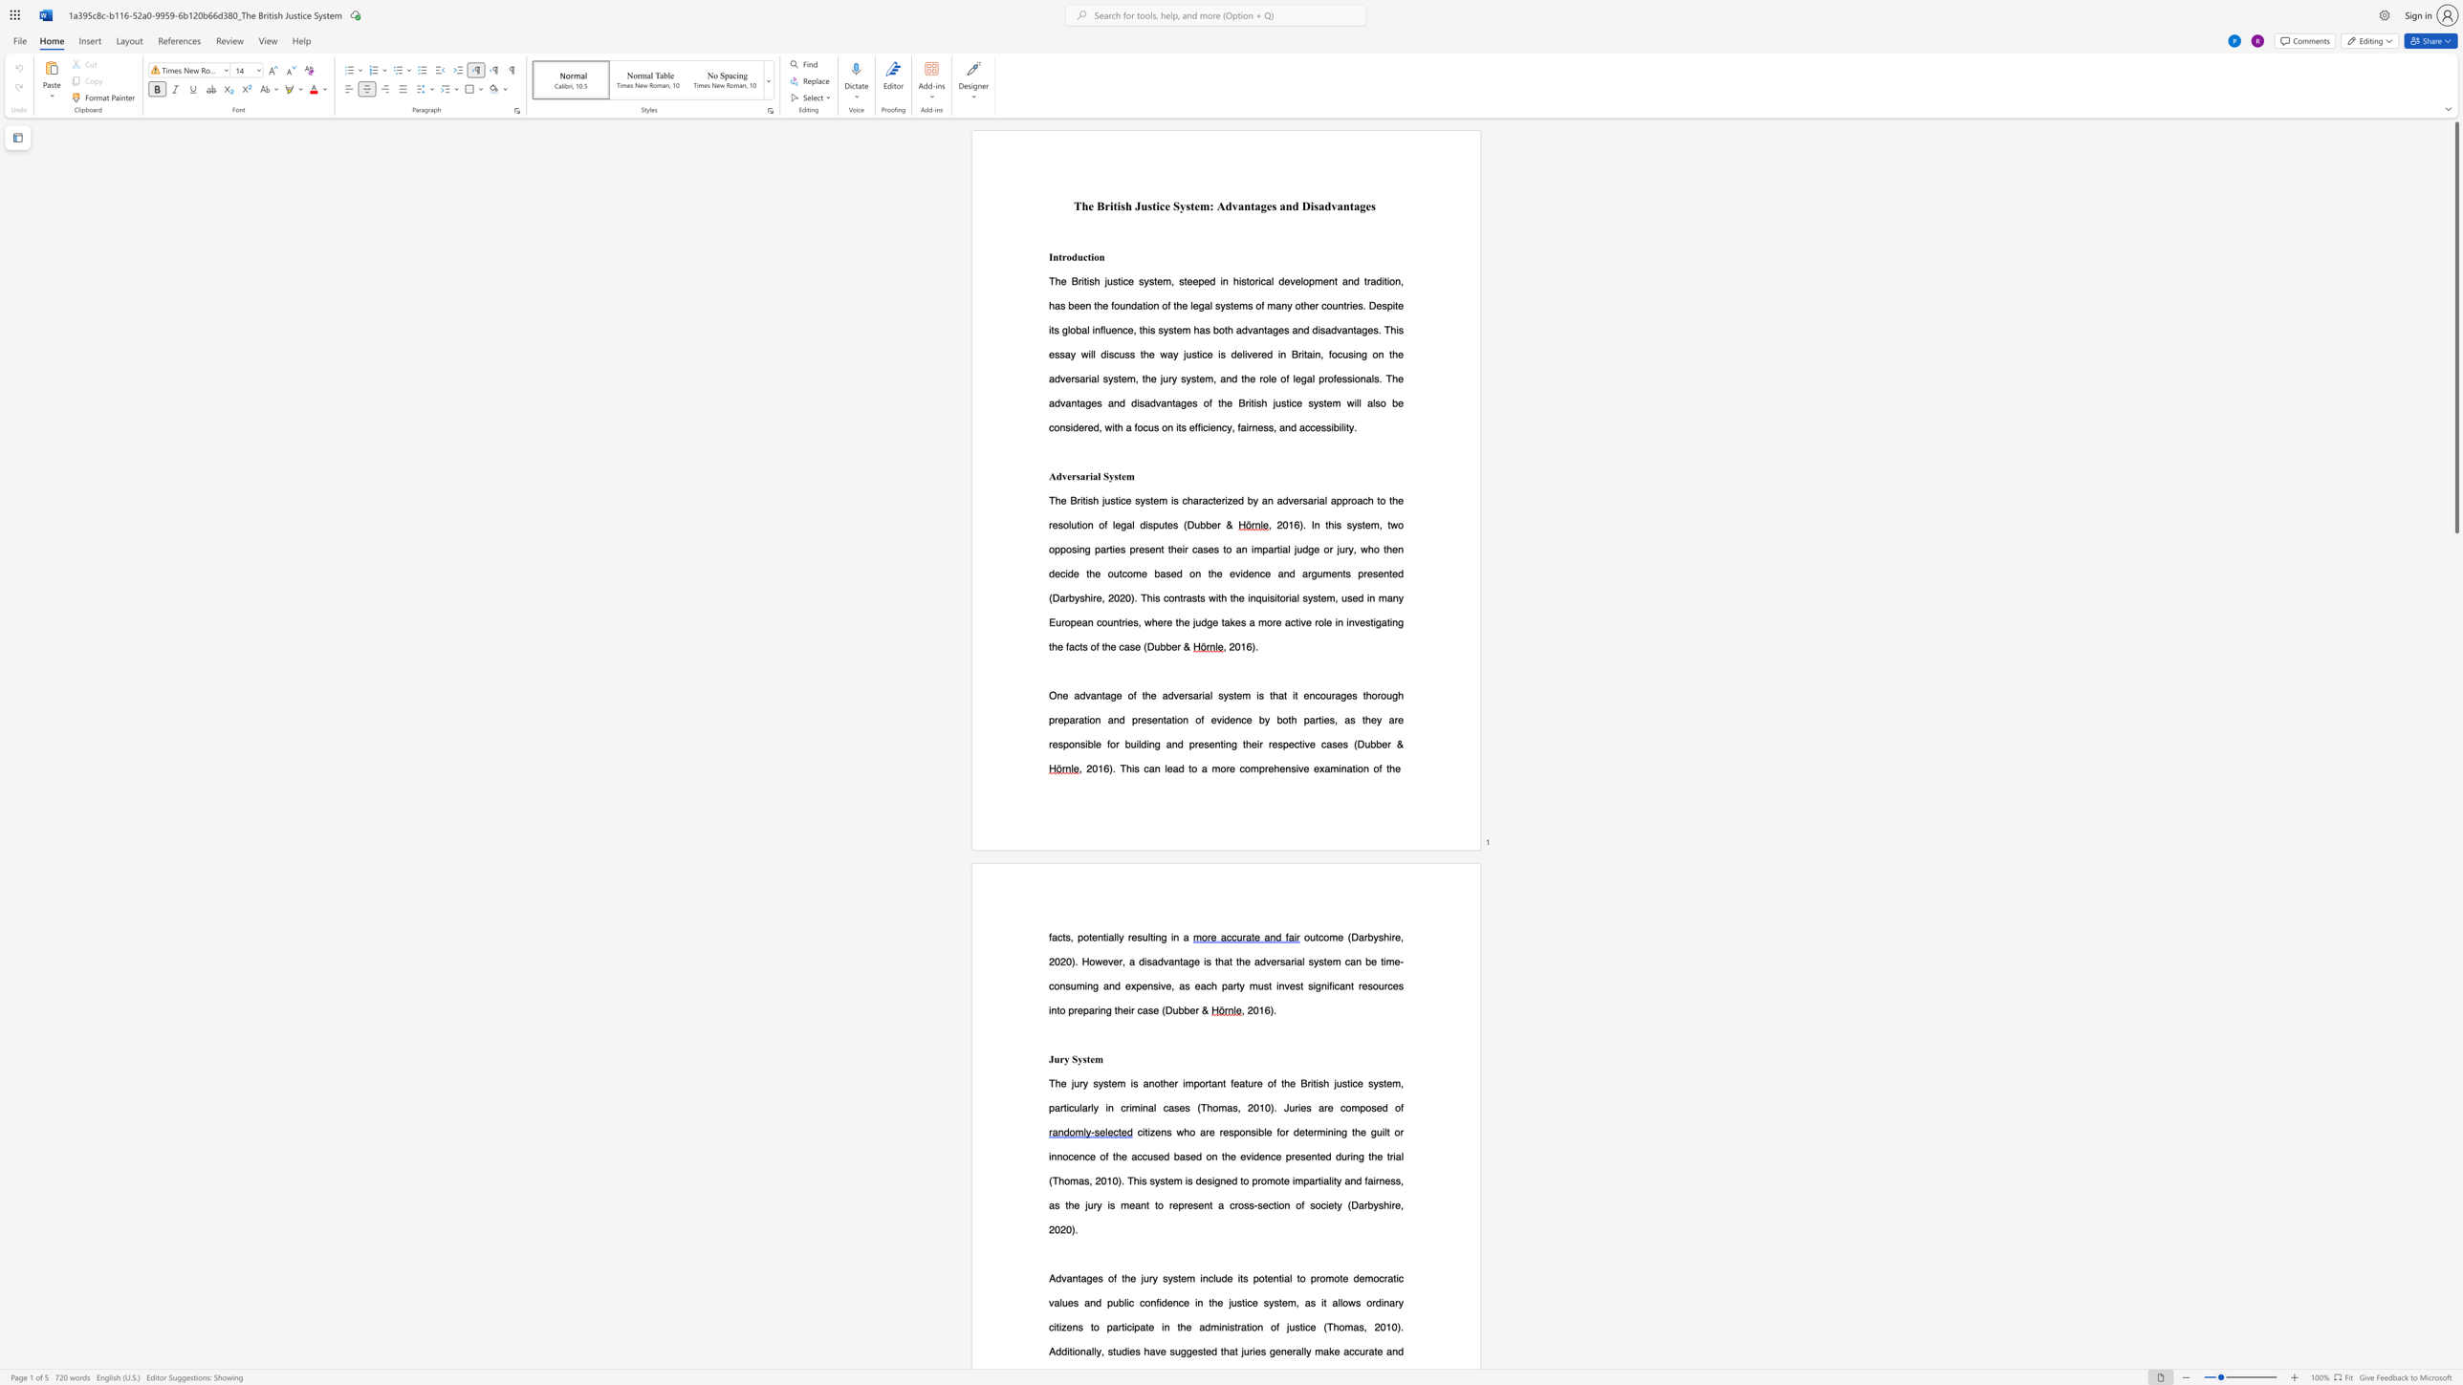 Image resolution: width=2463 pixels, height=1385 pixels. I want to click on the subset text "ose" within the text "The jury system is another important feature of the British justice system, particularly in criminal cases (Thomas, 2010). Juries are composed of", so click(1365, 1107).